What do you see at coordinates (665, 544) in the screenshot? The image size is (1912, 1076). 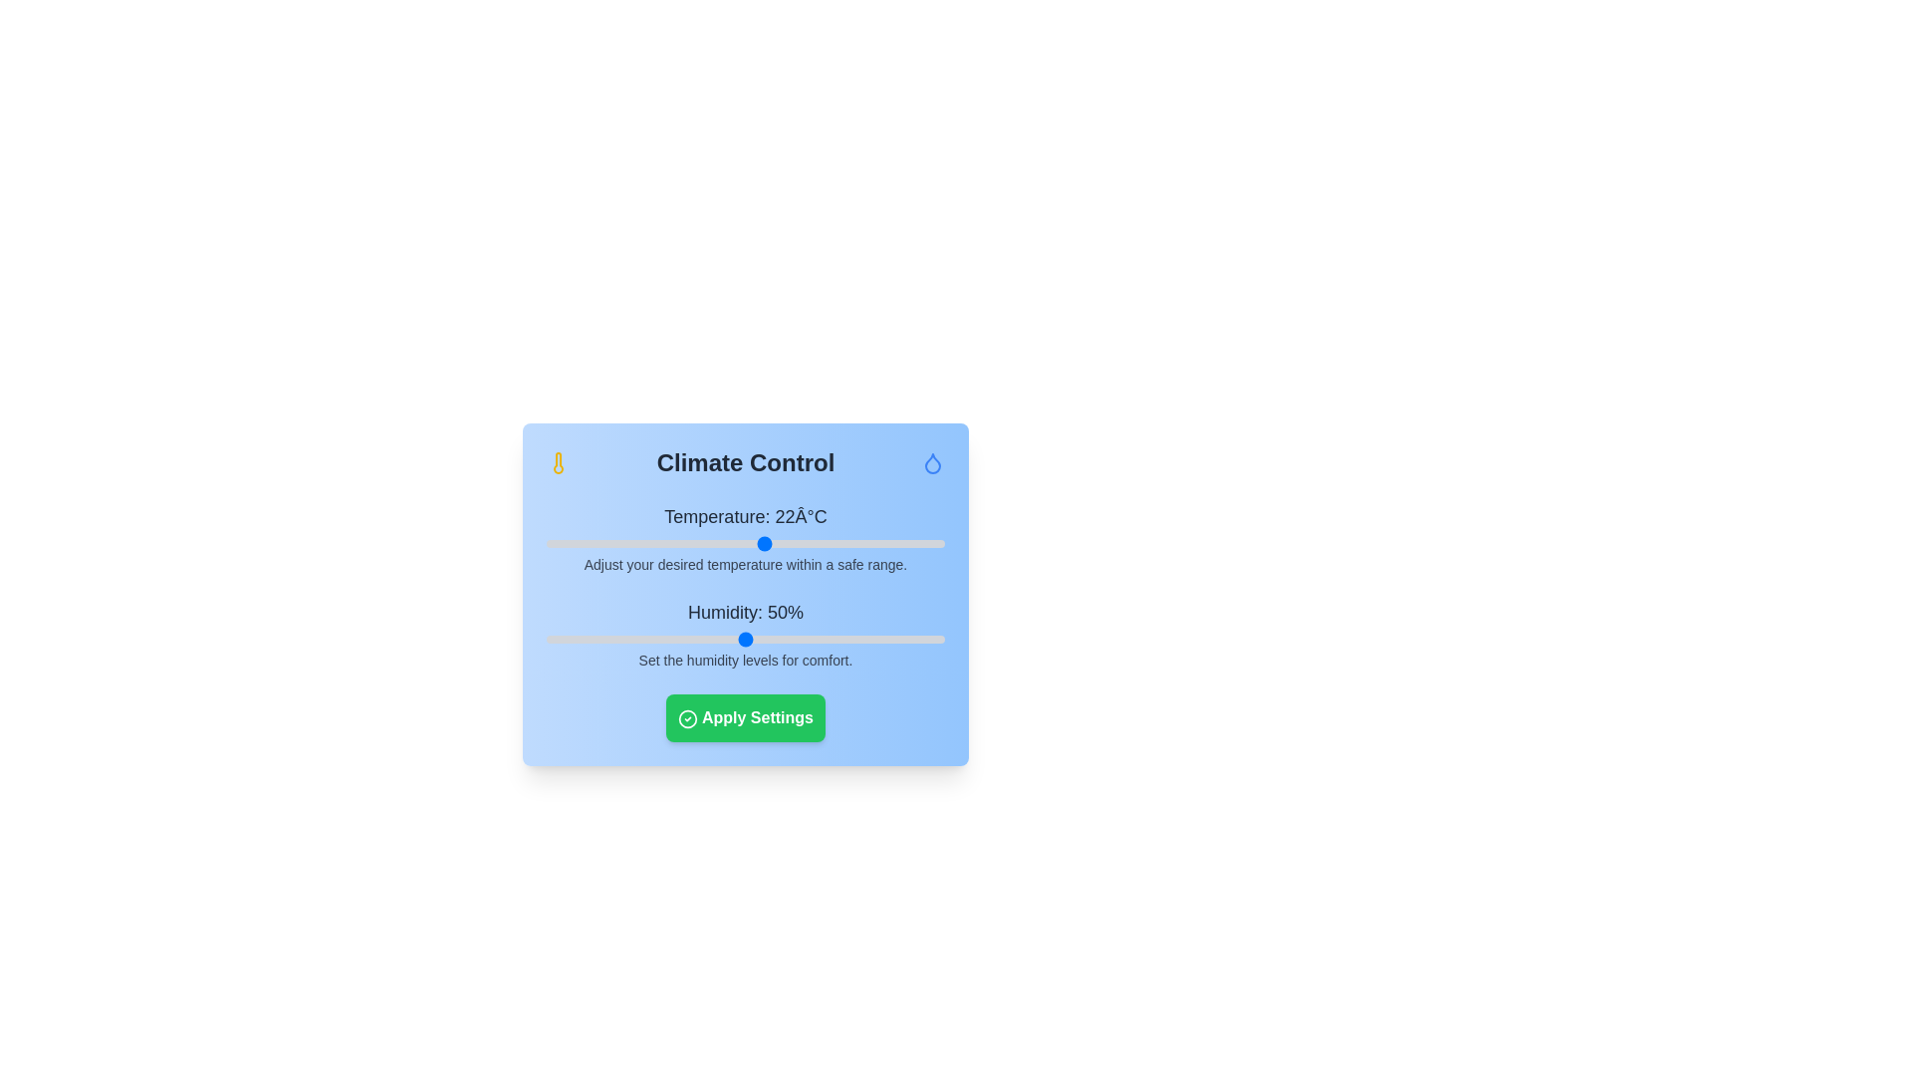 I see `the temperature` at bounding box center [665, 544].